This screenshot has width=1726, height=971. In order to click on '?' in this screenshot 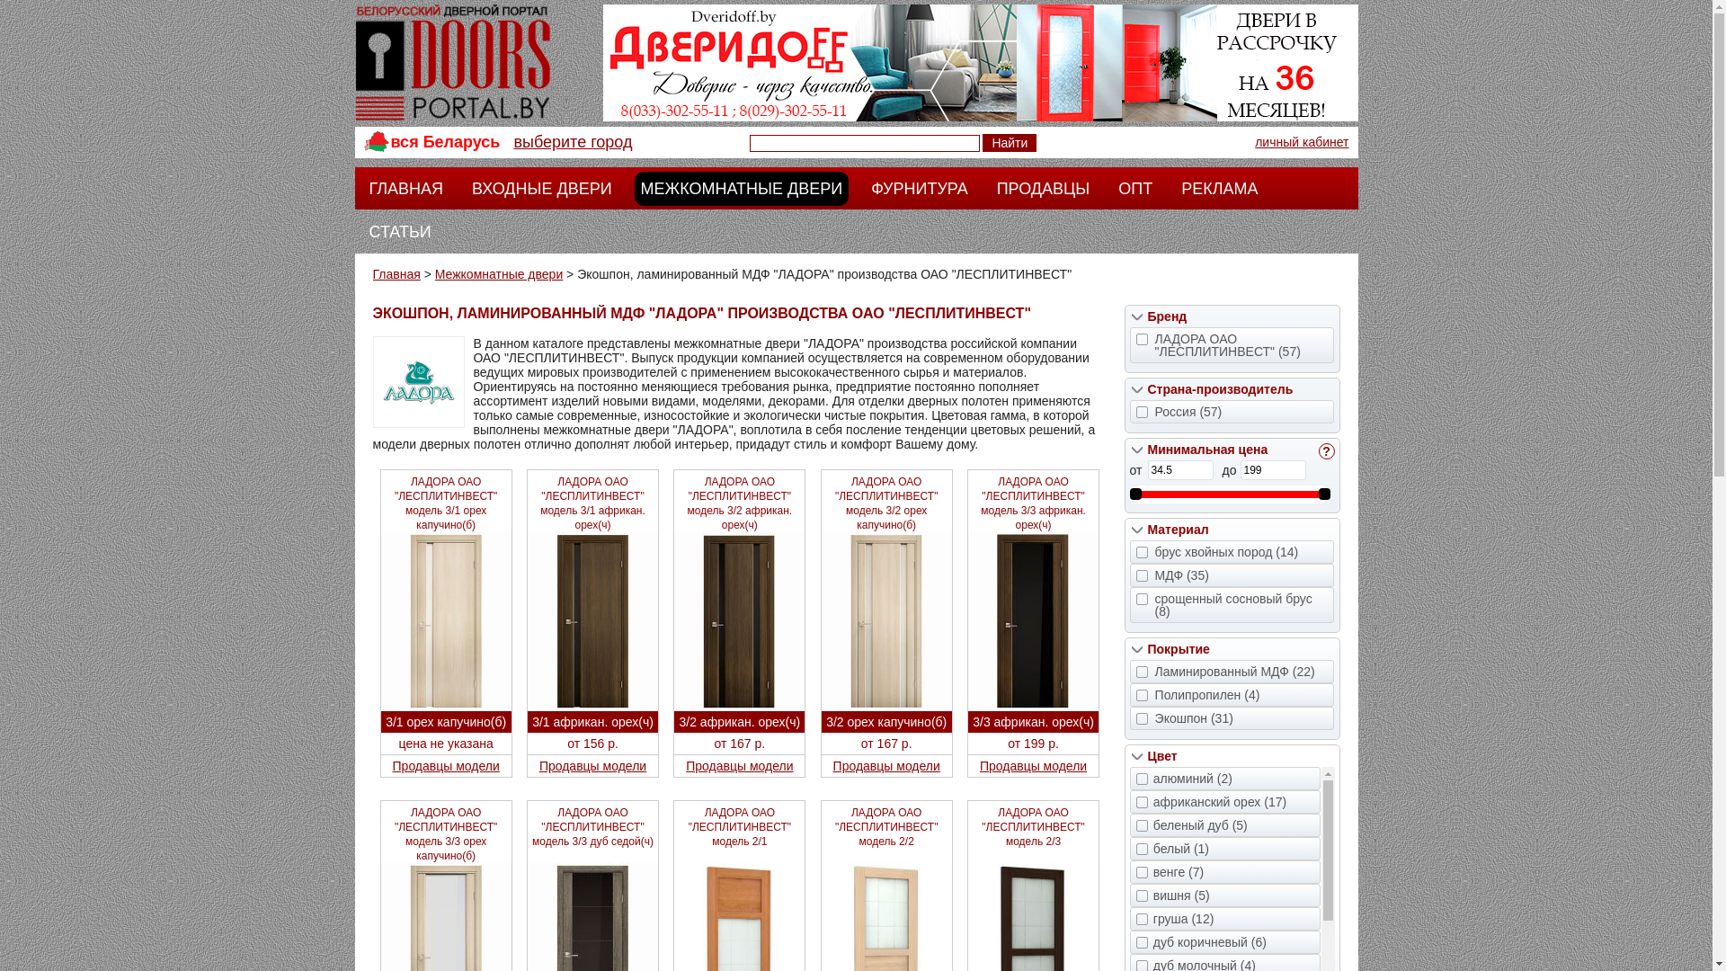, I will do `click(1325, 450)`.